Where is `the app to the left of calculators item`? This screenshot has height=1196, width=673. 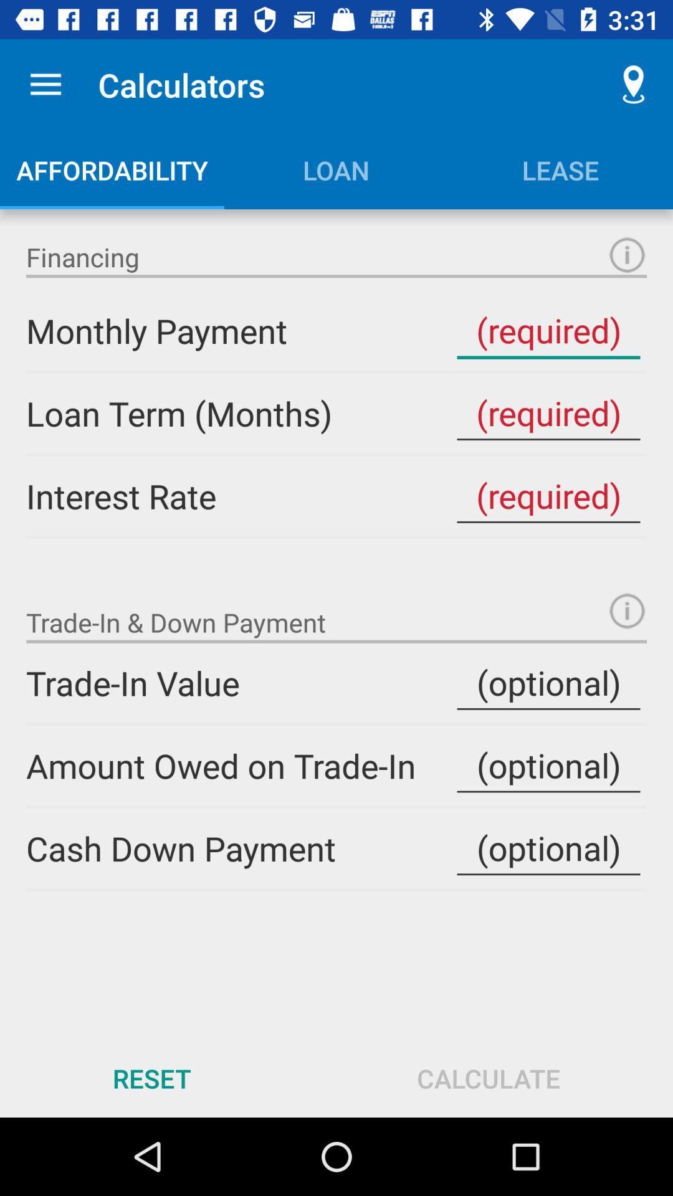
the app to the left of calculators item is located at coordinates (45, 84).